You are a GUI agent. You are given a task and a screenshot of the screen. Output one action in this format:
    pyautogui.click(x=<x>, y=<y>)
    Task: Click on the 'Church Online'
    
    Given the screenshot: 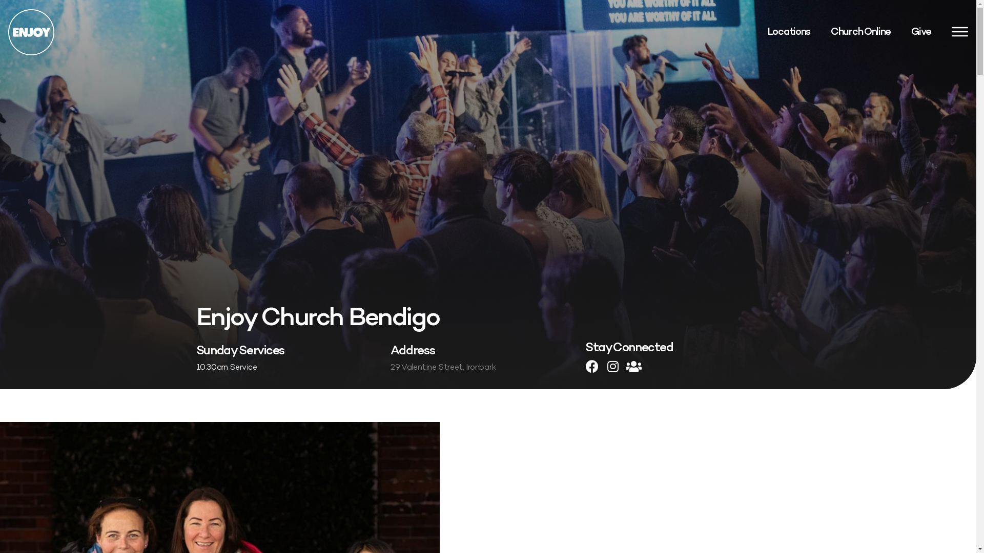 What is the action you would take?
    pyautogui.click(x=860, y=31)
    